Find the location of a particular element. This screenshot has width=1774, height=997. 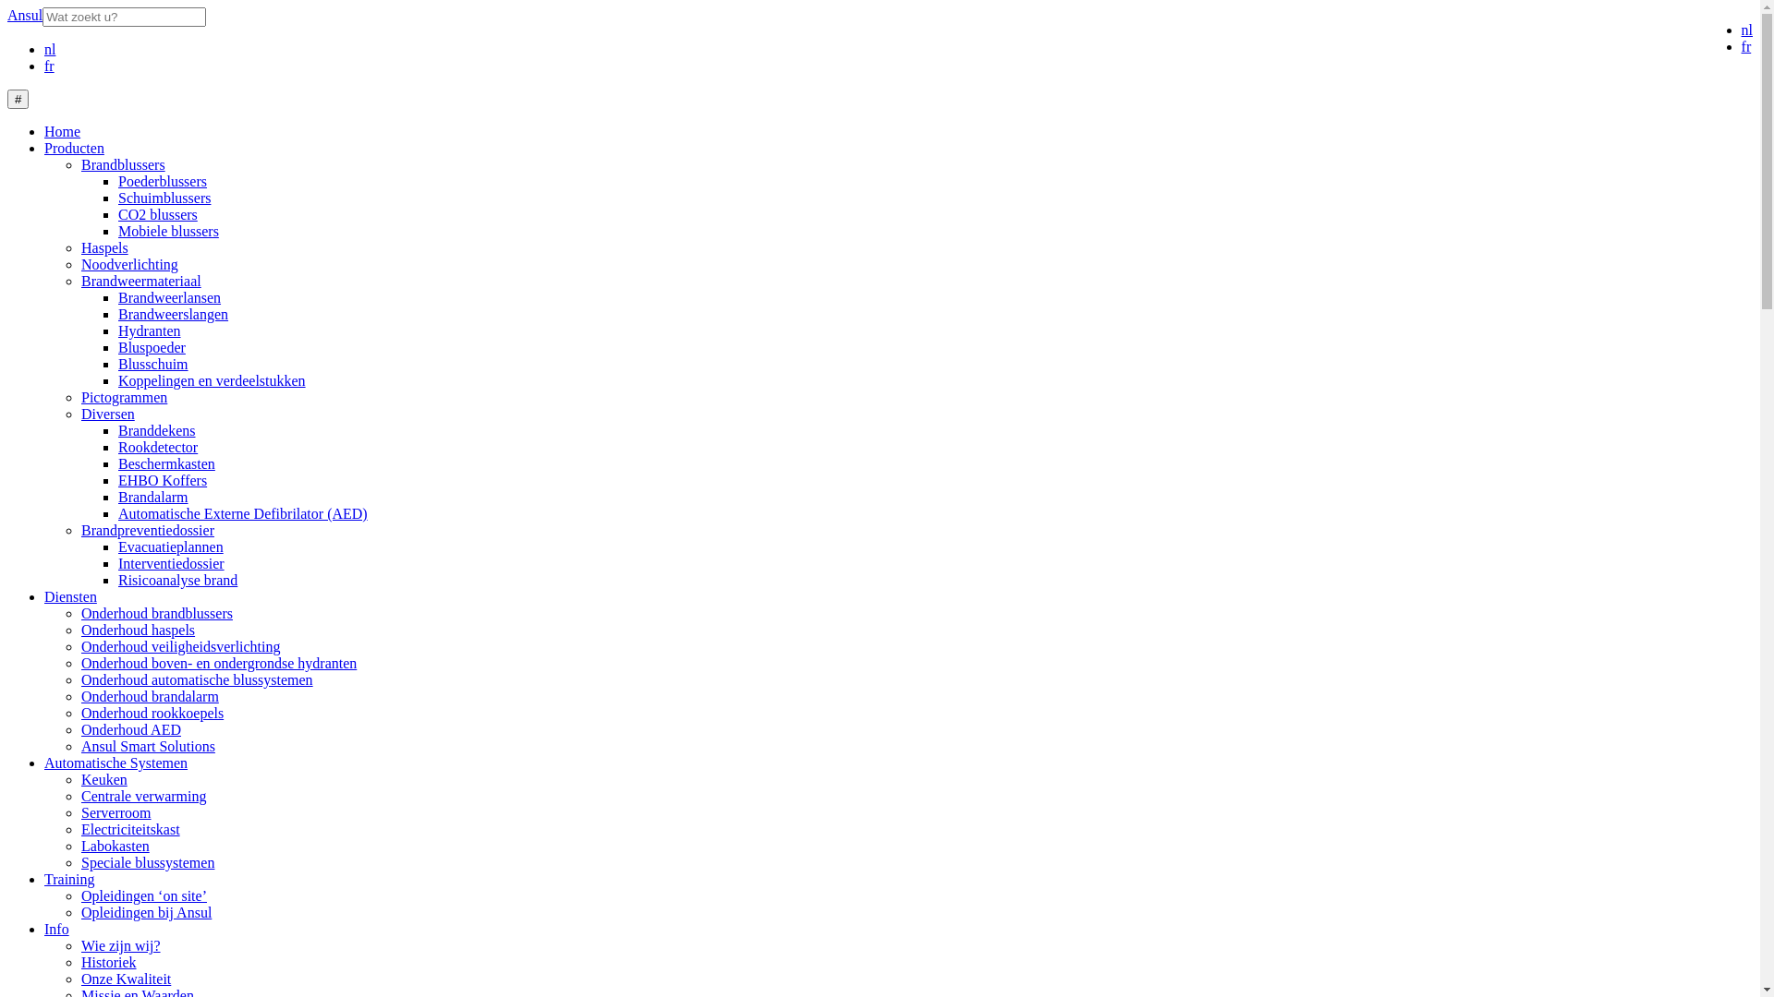

'Wie zijn wij?' is located at coordinates (79, 945).